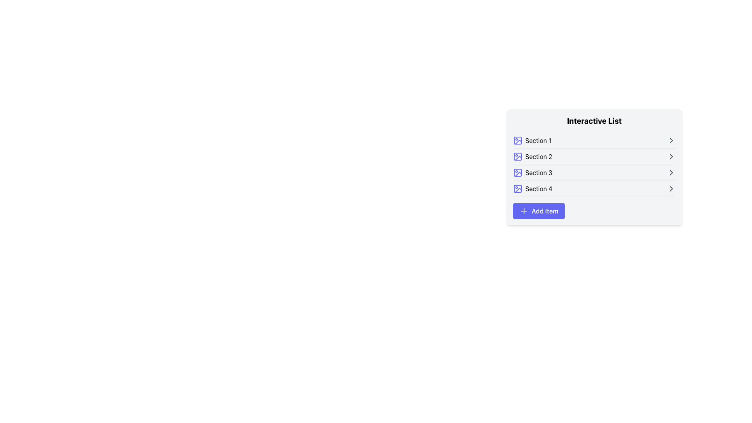 The width and height of the screenshot is (752, 423). I want to click on the header text 'Interactive List', which is a bold, large-size label positioned at the top-center of the interface, above the sections labeled 'Section 1', 'Section 2', 'Section 3', and 'Section 4', so click(594, 121).